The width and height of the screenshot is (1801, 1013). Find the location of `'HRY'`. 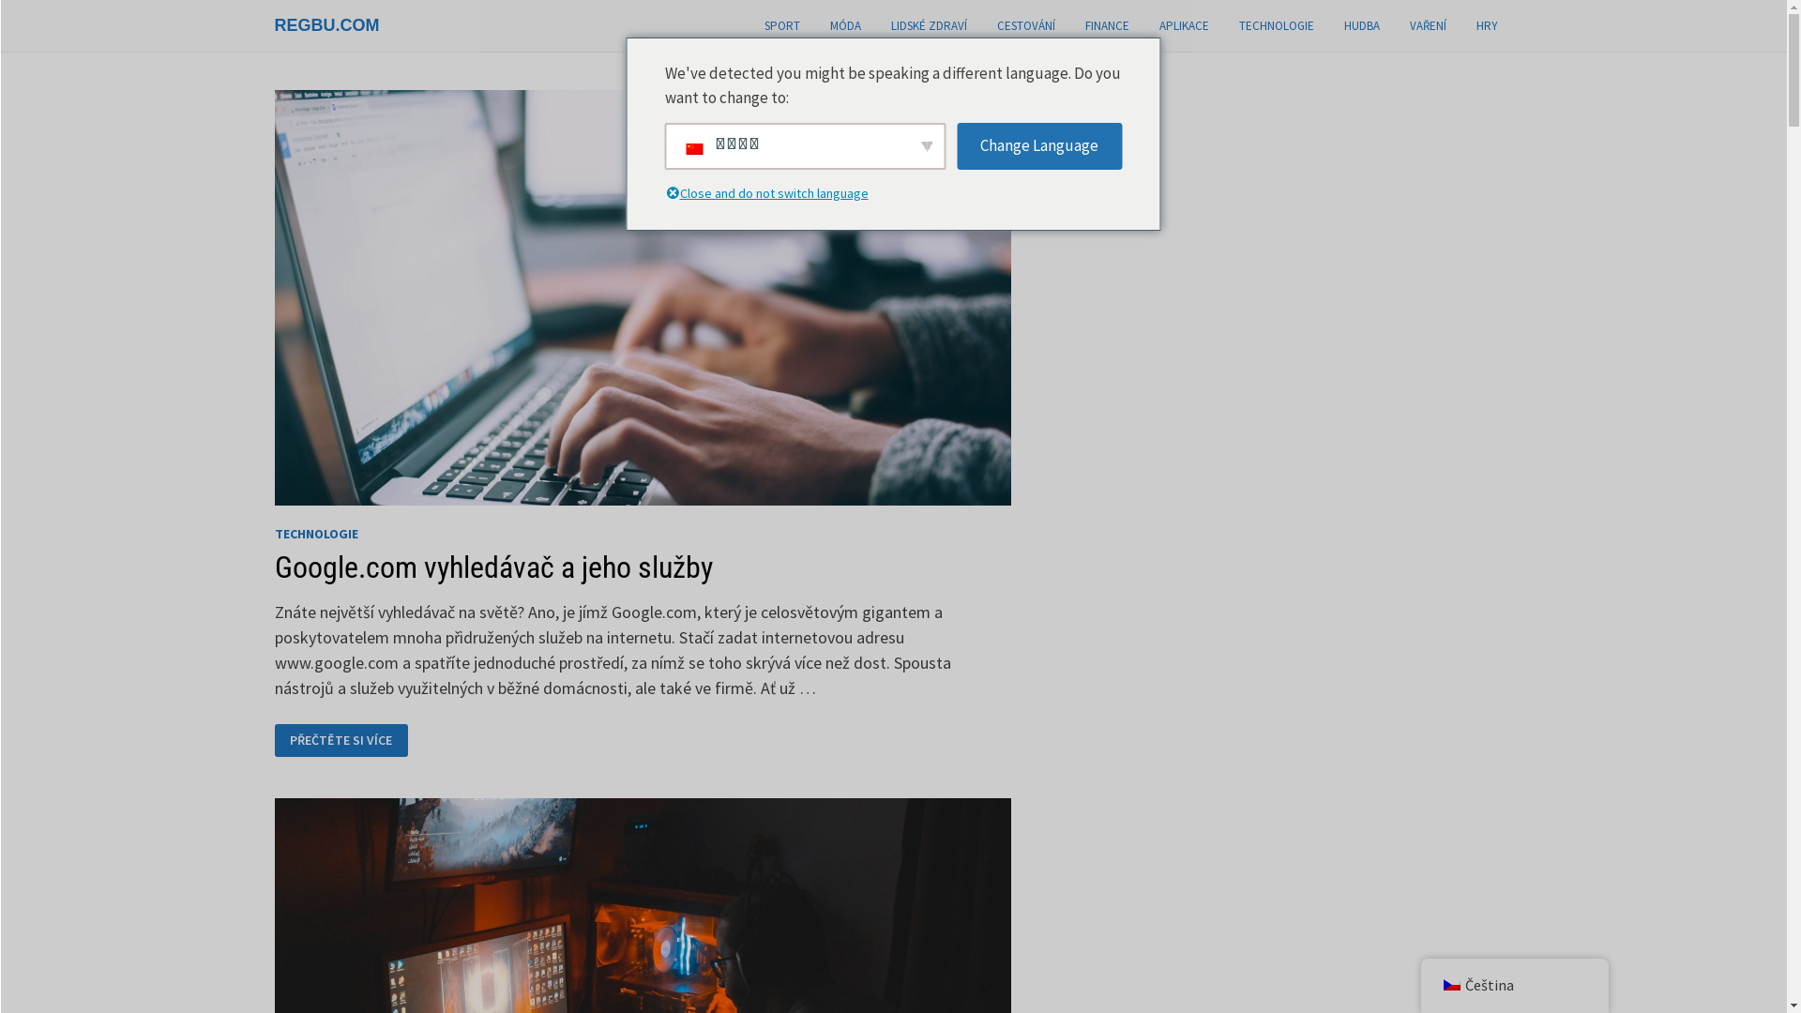

'HRY' is located at coordinates (1486, 25).